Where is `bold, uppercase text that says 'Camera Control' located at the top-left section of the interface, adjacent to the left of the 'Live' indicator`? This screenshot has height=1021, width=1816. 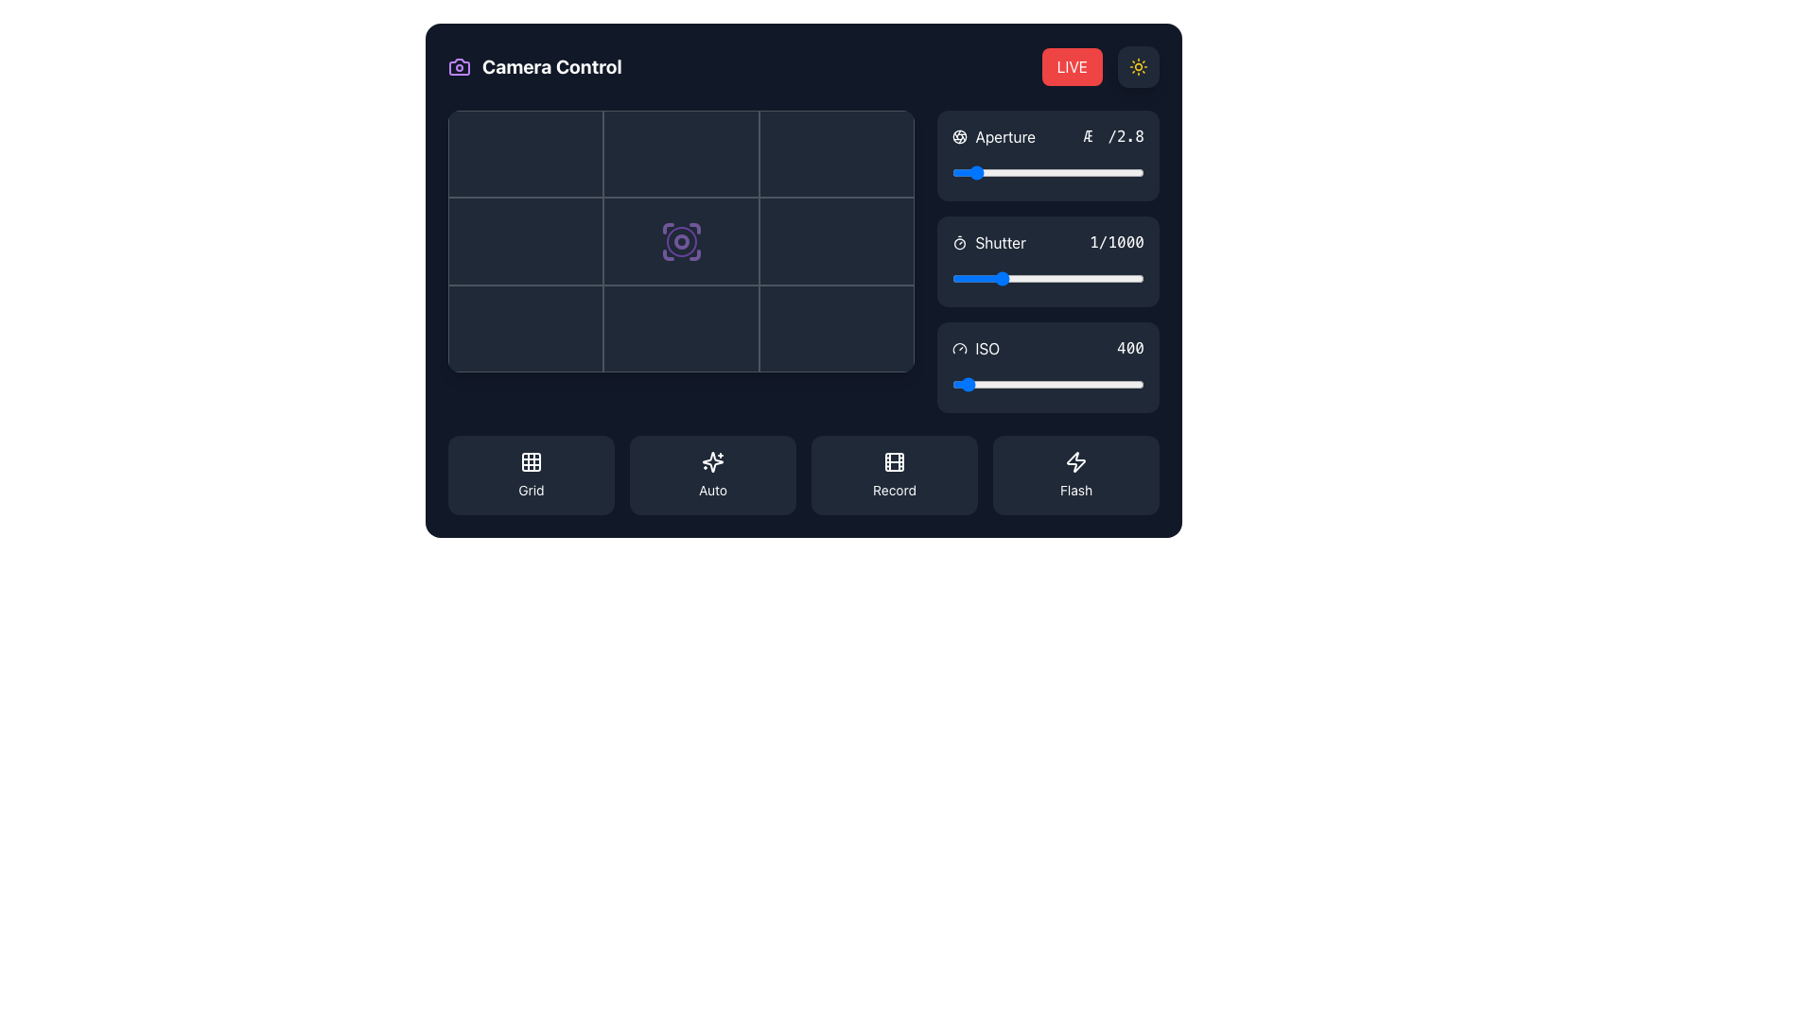 bold, uppercase text that says 'Camera Control' located at the top-left section of the interface, adjacent to the left of the 'Live' indicator is located at coordinates (550, 65).